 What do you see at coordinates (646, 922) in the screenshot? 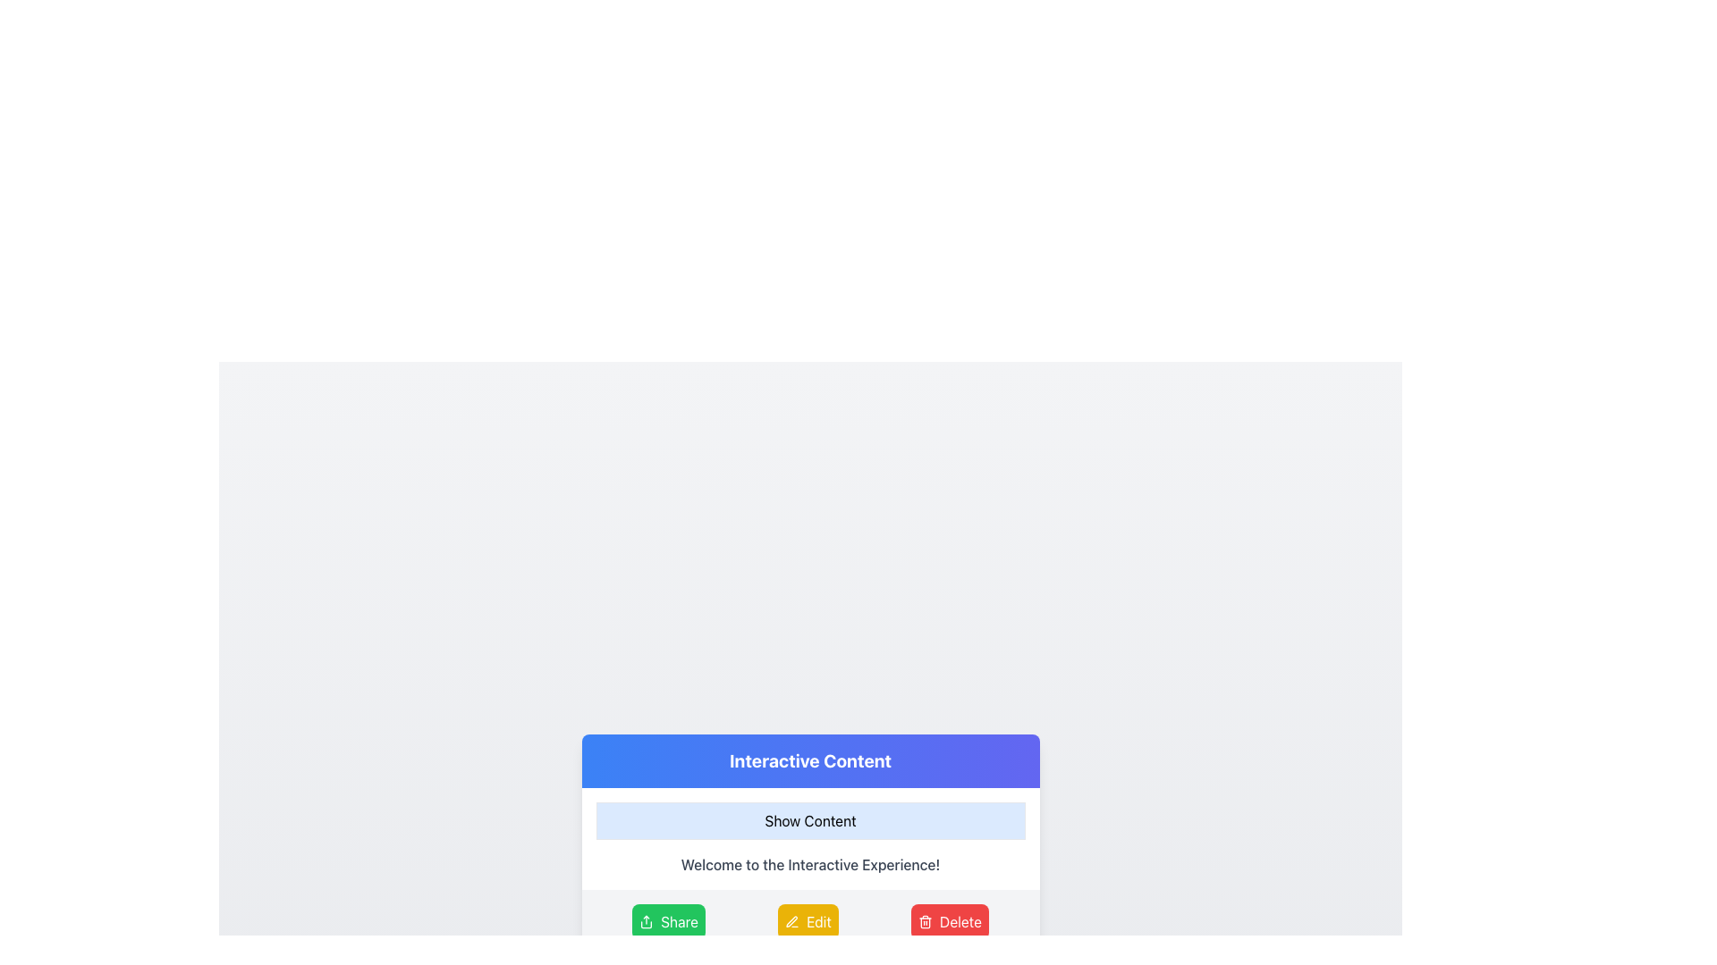
I see `the share icon, which is a small icon outlined in white on a green background, located to the left of the text label 'Share' in the first button among a group of three buttons at the bottom center of the UI` at bounding box center [646, 922].